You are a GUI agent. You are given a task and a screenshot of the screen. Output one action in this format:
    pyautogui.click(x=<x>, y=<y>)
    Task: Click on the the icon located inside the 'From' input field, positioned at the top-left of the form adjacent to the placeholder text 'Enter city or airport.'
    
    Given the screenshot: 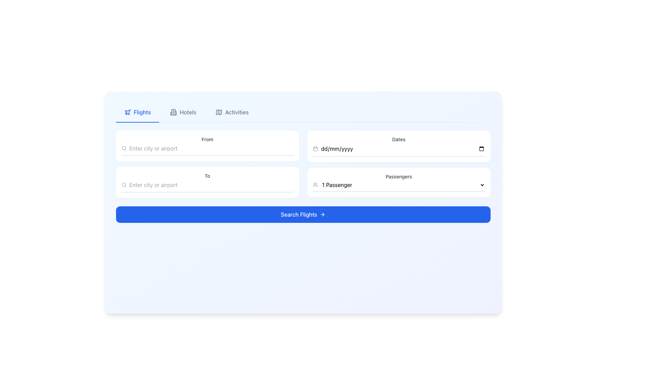 What is the action you would take?
    pyautogui.click(x=124, y=148)
    